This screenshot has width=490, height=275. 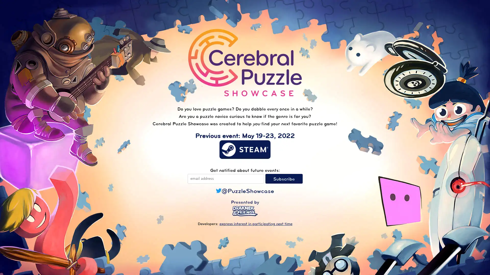 I want to click on Subscribe, so click(x=284, y=178).